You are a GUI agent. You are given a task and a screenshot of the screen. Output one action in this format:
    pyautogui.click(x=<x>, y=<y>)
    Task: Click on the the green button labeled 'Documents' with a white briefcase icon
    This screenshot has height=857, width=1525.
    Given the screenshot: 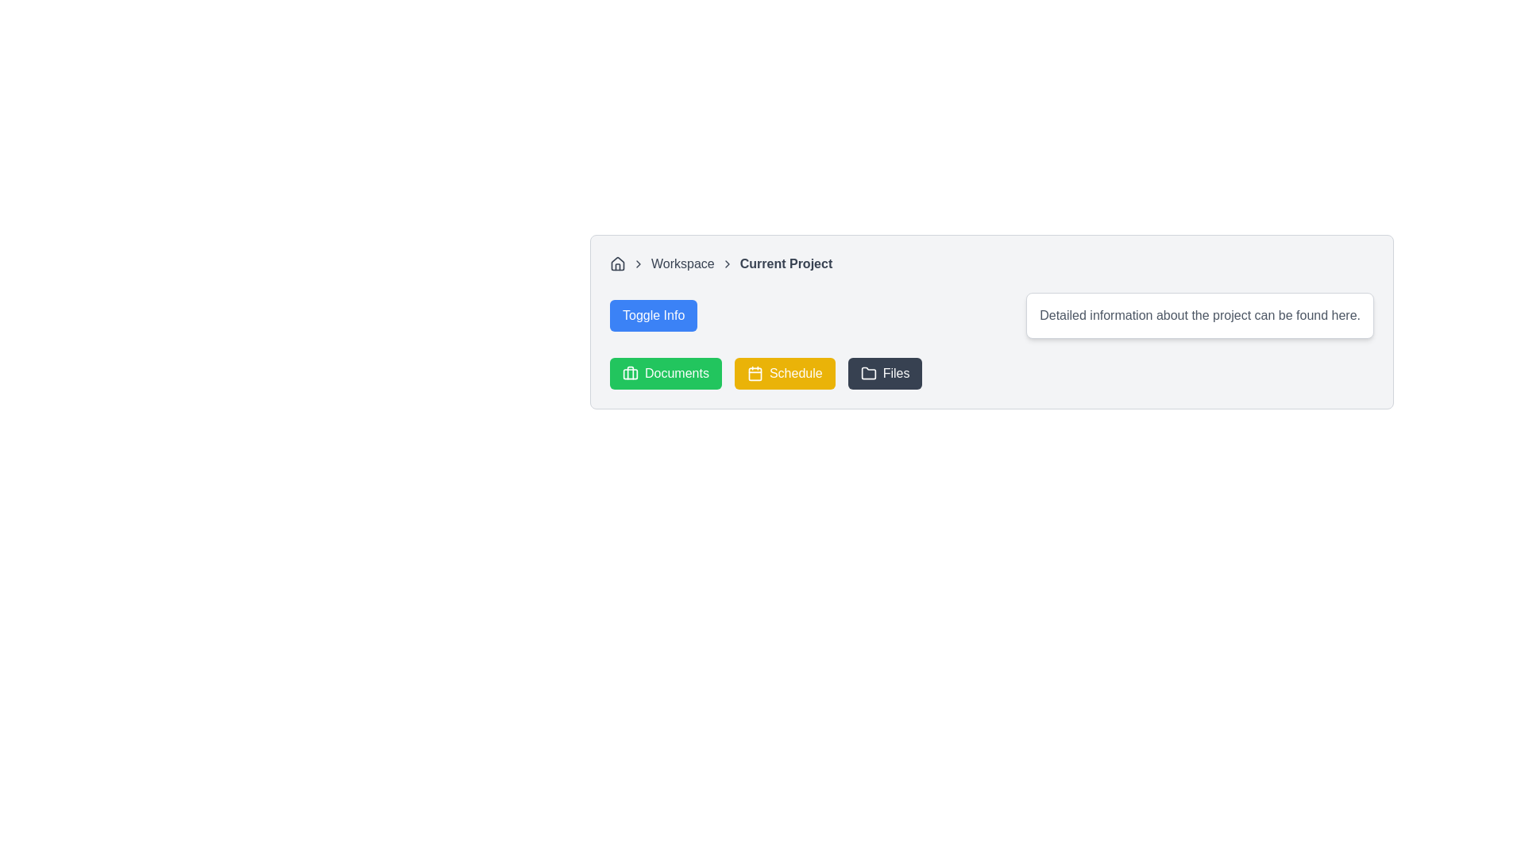 What is the action you would take?
    pyautogui.click(x=666, y=373)
    